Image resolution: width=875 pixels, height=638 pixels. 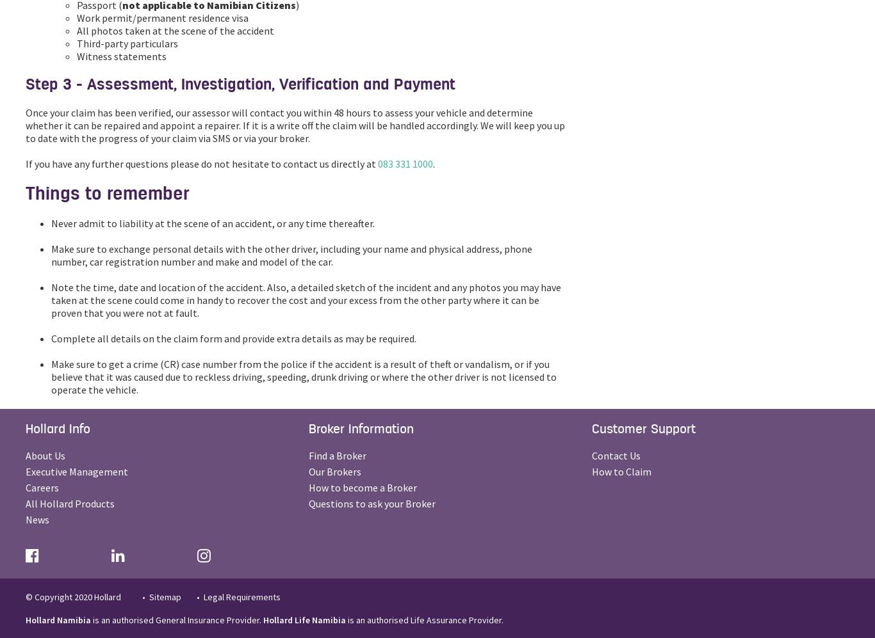 I want to click on 'Sitemap', so click(x=165, y=596).